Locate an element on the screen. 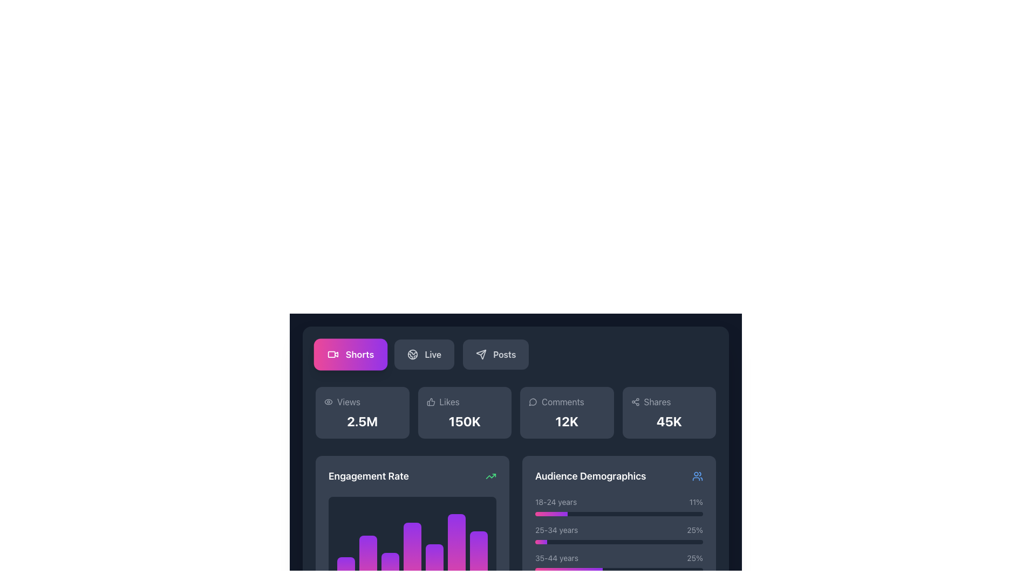  the upward-trending line icon in the Engagement Rate panel is located at coordinates (490, 475).